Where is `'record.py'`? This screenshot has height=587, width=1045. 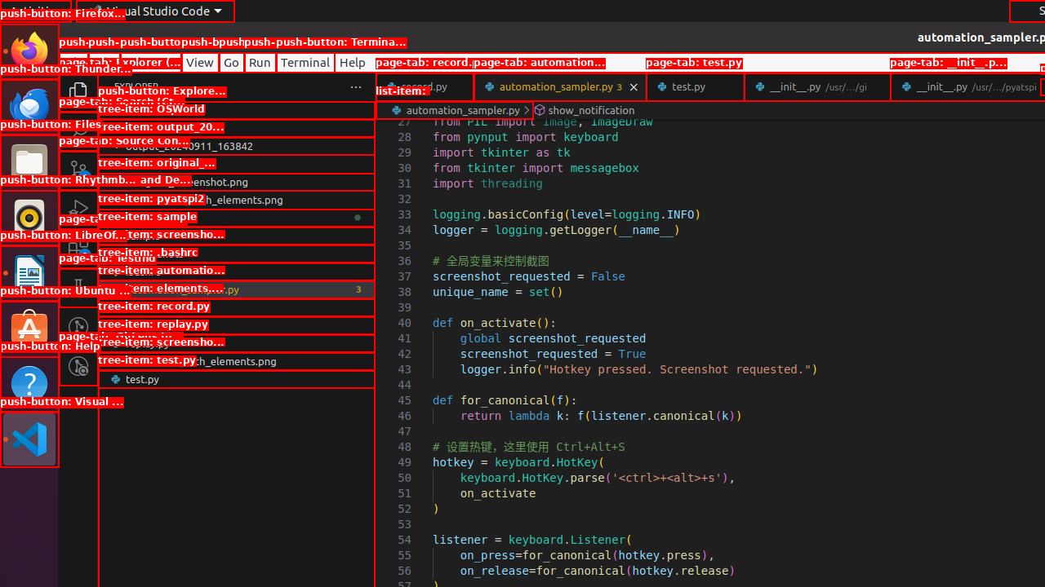
'record.py' is located at coordinates (424, 86).